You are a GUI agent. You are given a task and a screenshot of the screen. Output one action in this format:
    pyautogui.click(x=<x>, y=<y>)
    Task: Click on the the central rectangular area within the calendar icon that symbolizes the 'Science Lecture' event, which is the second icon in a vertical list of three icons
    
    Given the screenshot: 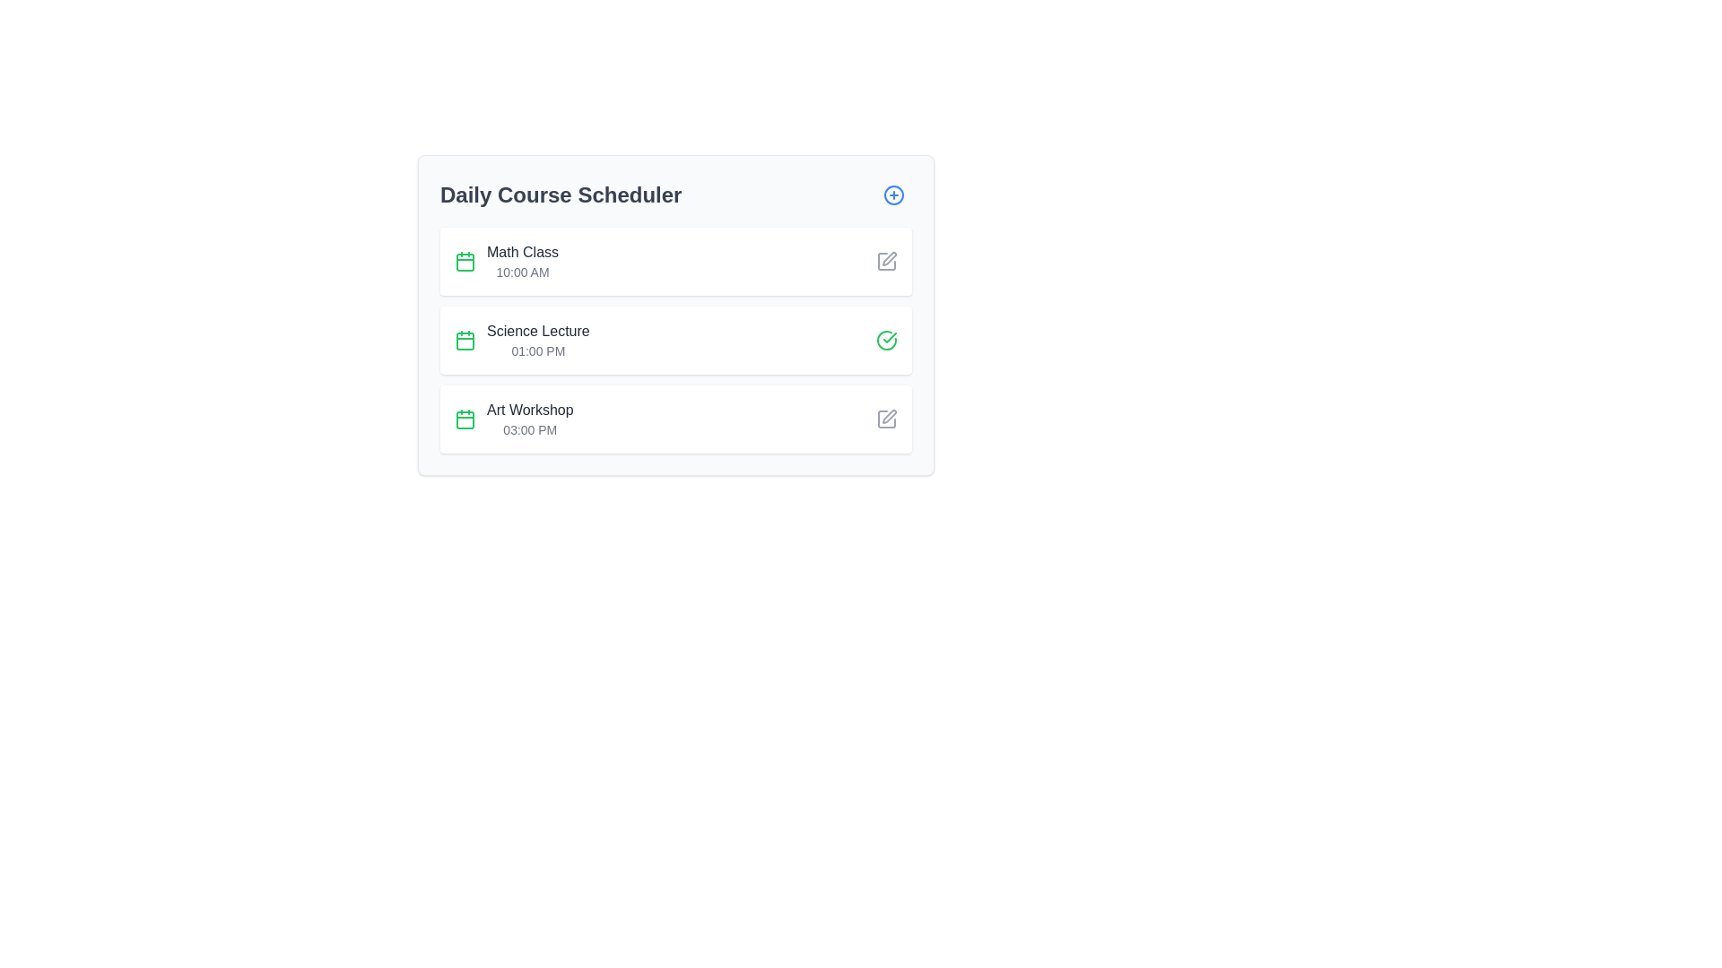 What is the action you would take?
    pyautogui.click(x=465, y=341)
    